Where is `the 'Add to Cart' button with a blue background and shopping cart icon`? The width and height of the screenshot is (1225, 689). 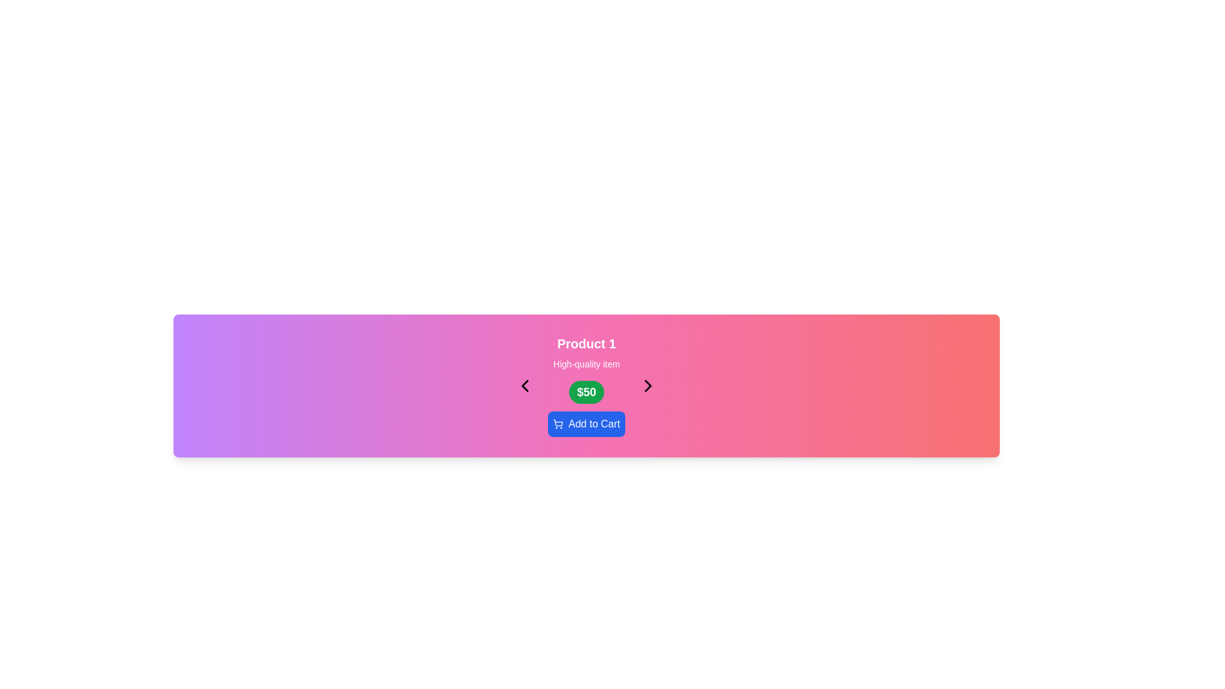 the 'Add to Cart' button with a blue background and shopping cart icon is located at coordinates (586, 424).